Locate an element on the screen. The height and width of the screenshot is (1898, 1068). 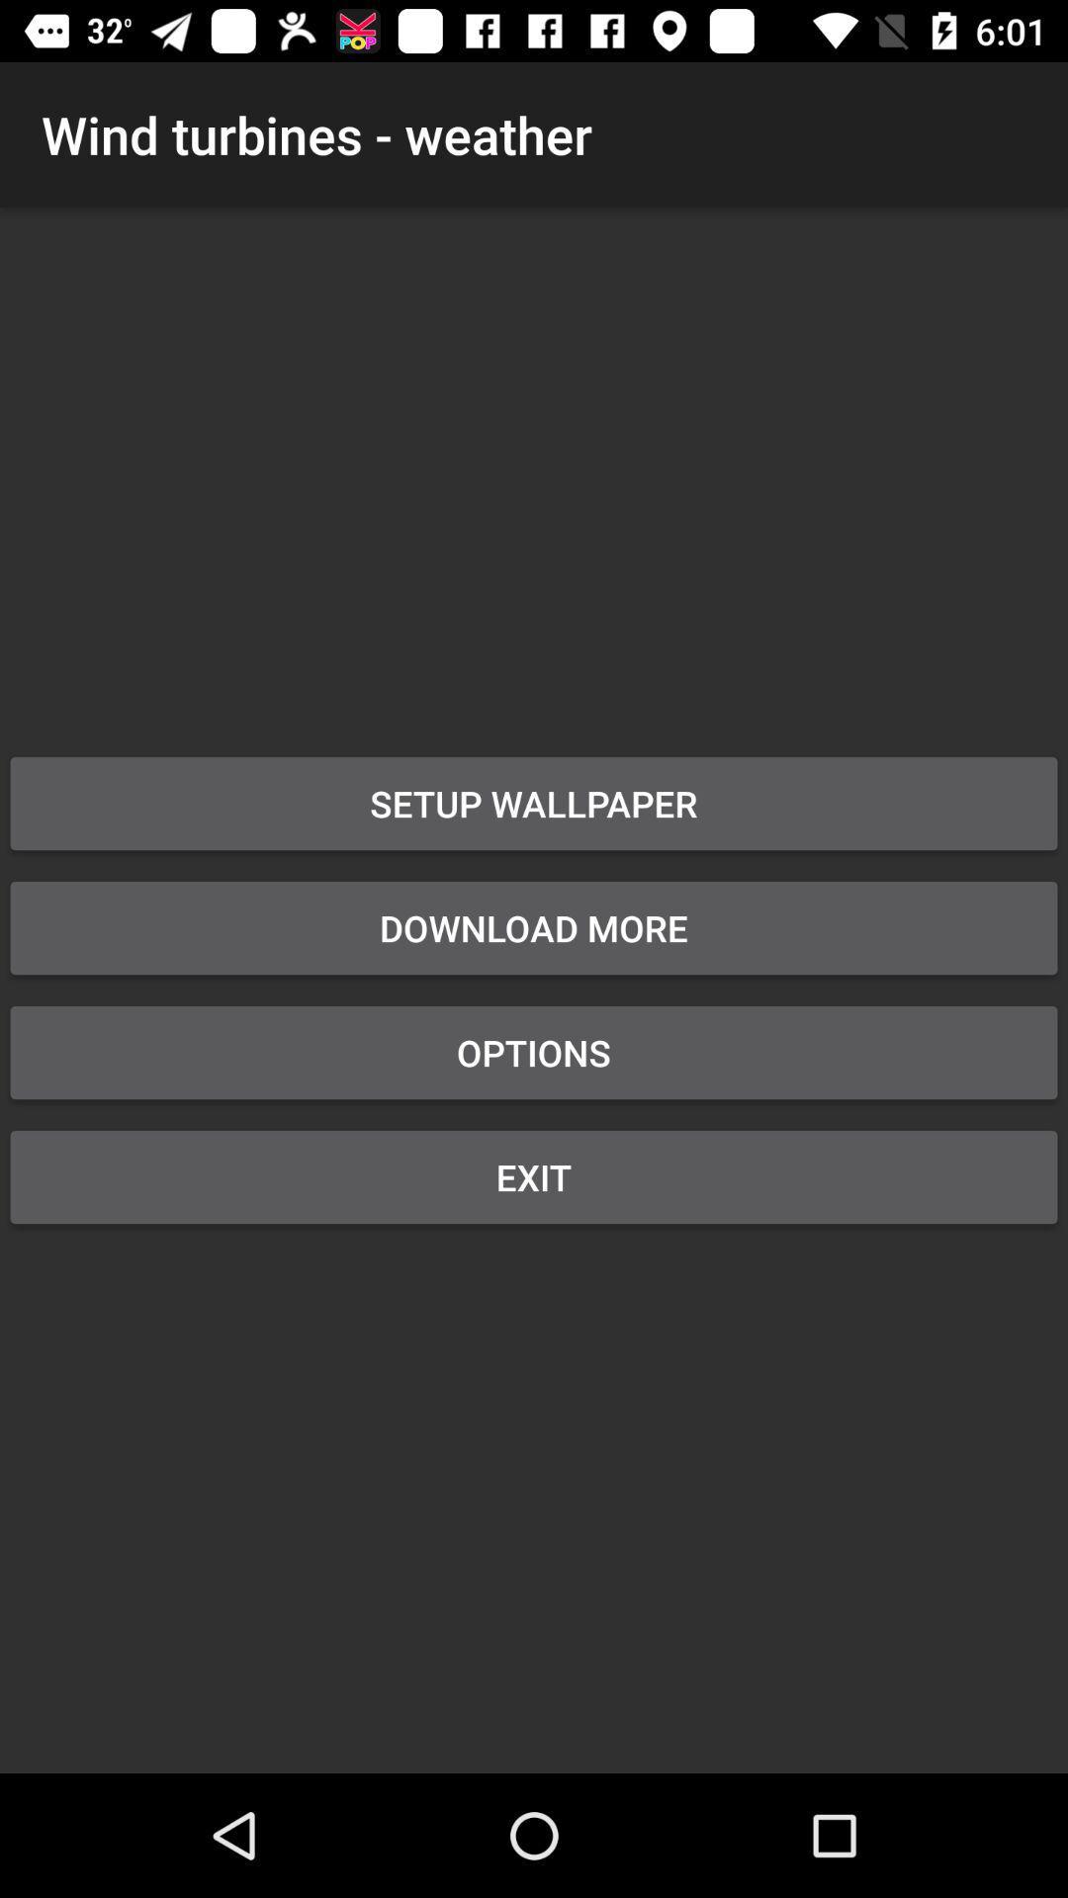
the app below the wind turbines - weather is located at coordinates (534, 803).